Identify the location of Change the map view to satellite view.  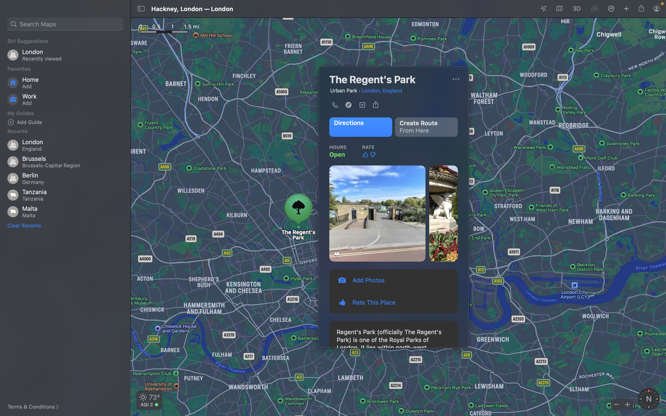
(455, 79).